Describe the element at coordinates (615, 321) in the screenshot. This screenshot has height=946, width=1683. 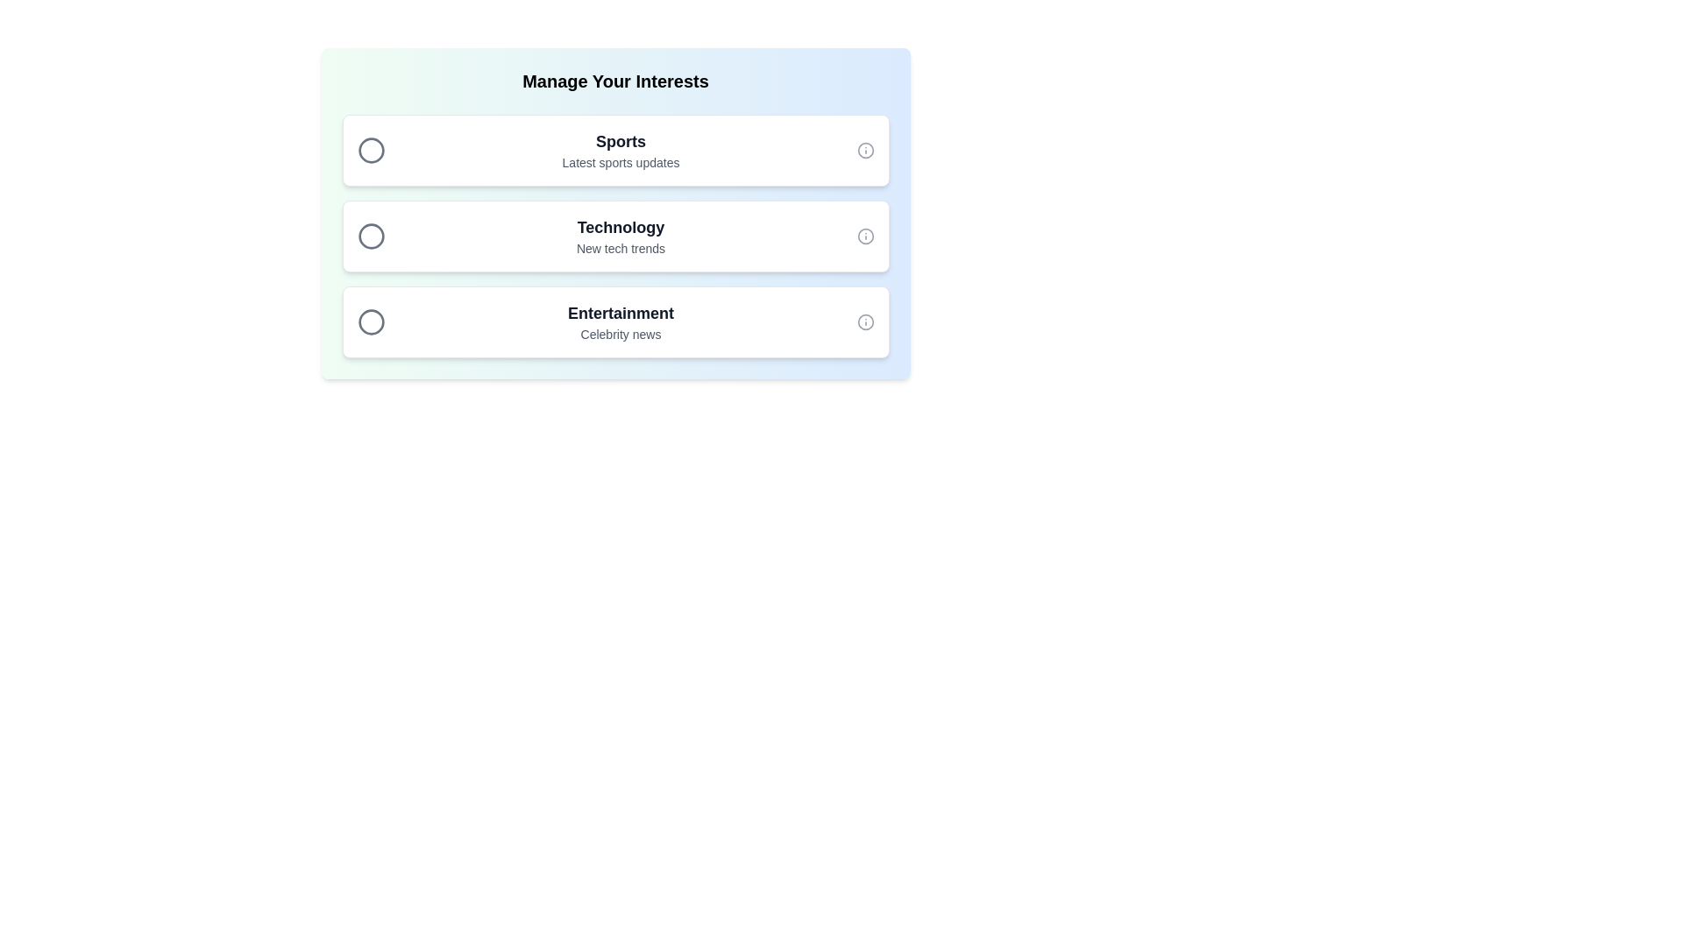
I see `the chip item labeled Entertainment to observe the visual feedback` at that location.